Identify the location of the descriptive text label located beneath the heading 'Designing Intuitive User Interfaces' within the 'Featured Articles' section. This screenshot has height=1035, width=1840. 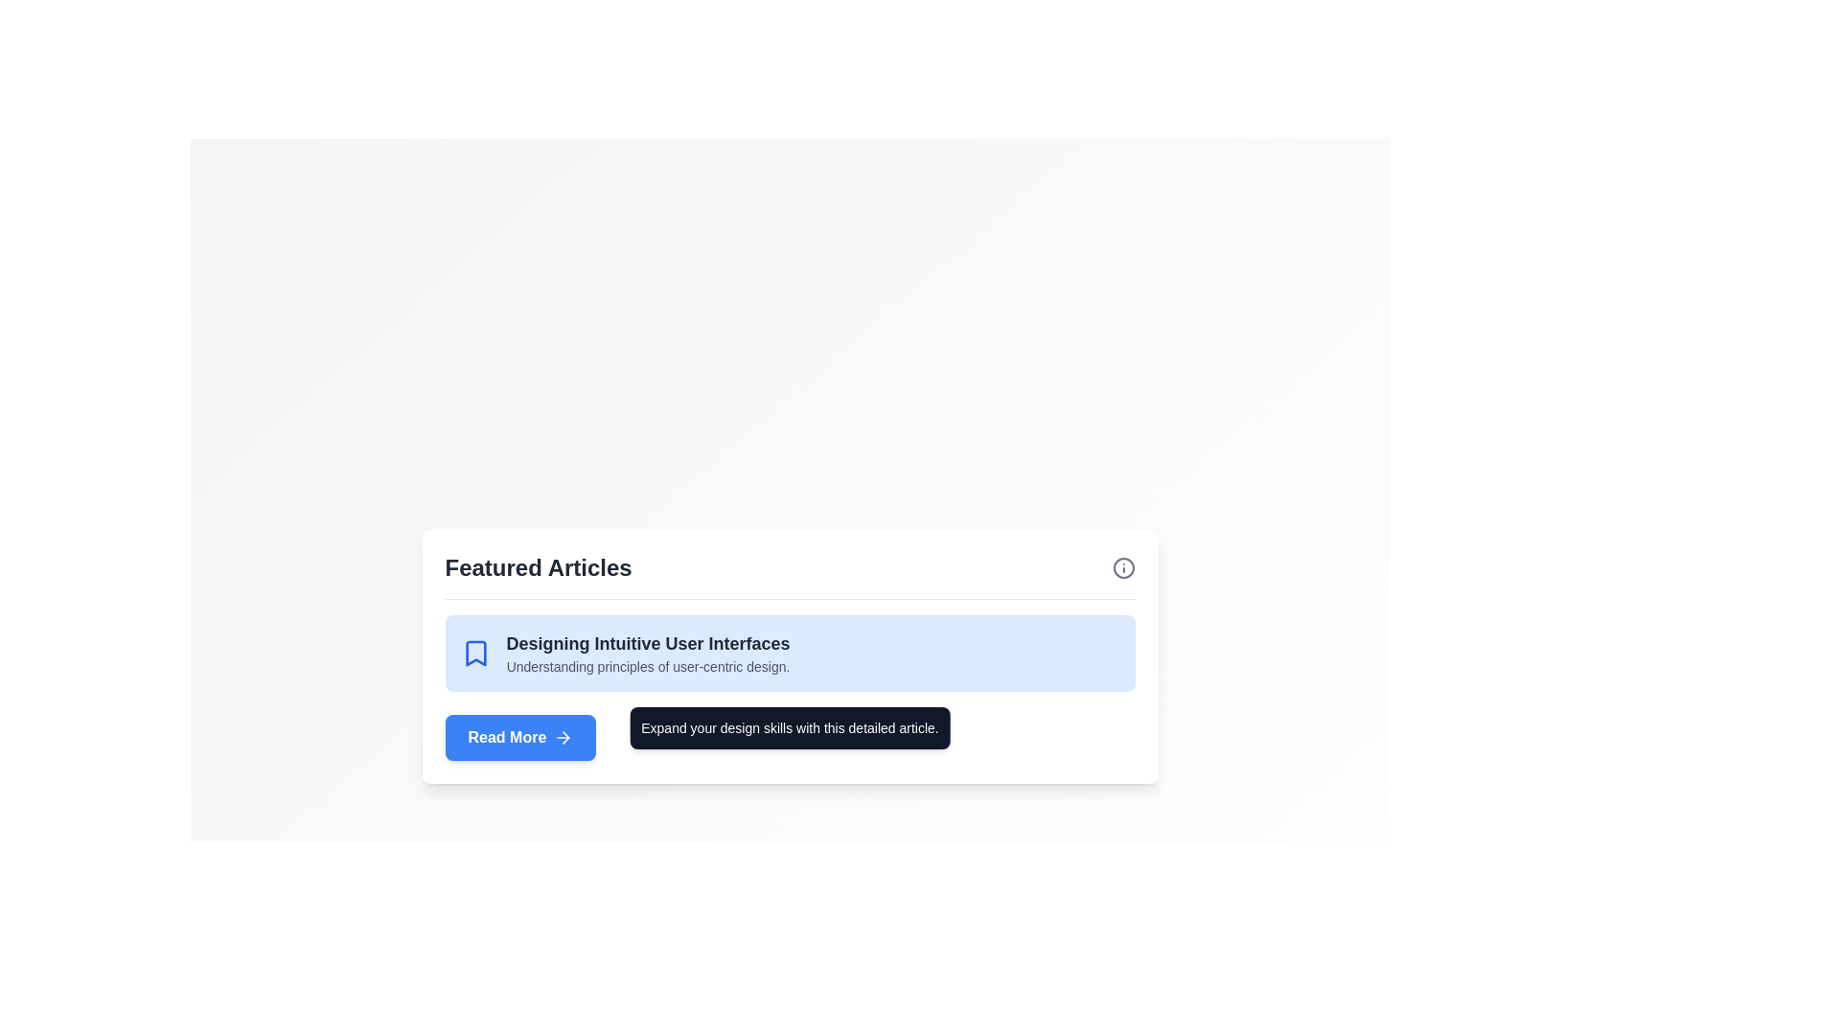
(648, 665).